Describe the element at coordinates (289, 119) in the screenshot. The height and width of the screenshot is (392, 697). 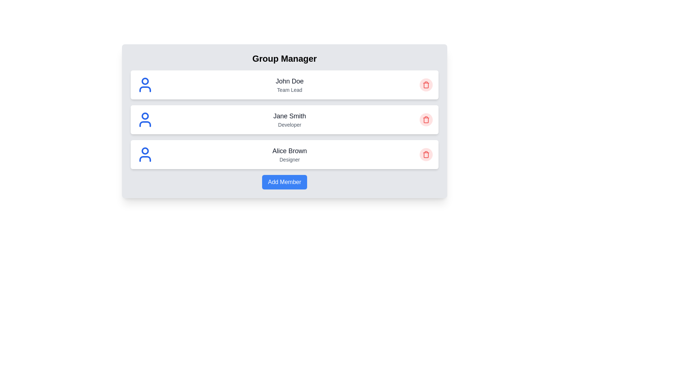
I see `the text label displaying 'Jane Smith' as a 'Developer', which is located in the second card under the 'Group Manager' section` at that location.